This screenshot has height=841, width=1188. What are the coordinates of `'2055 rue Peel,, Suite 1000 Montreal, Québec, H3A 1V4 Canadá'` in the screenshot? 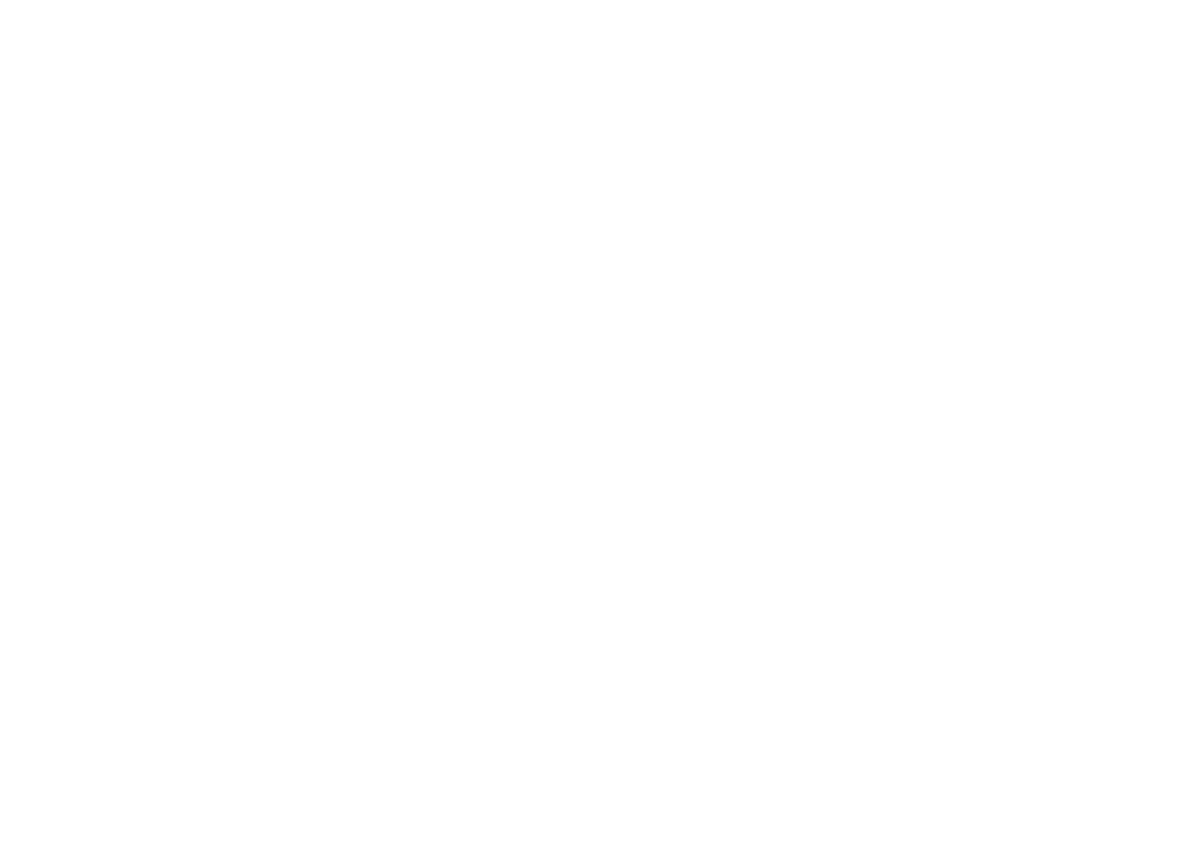 It's located at (366, 363).